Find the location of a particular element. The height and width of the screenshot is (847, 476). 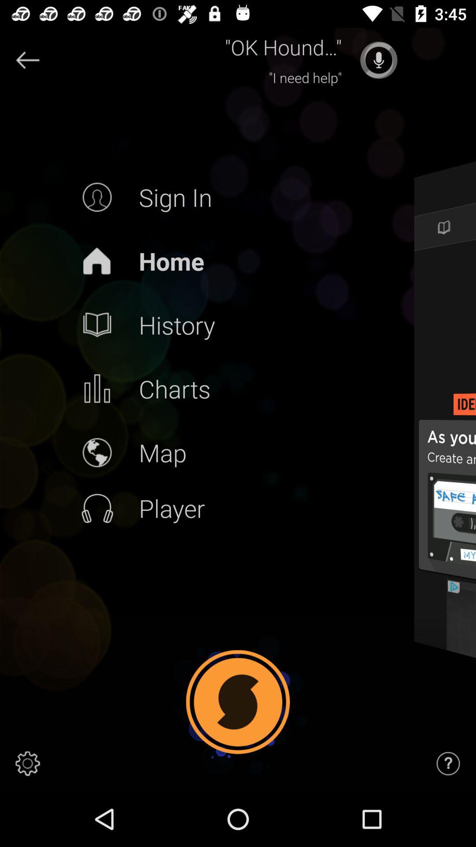

the settings icon is located at coordinates (27, 763).